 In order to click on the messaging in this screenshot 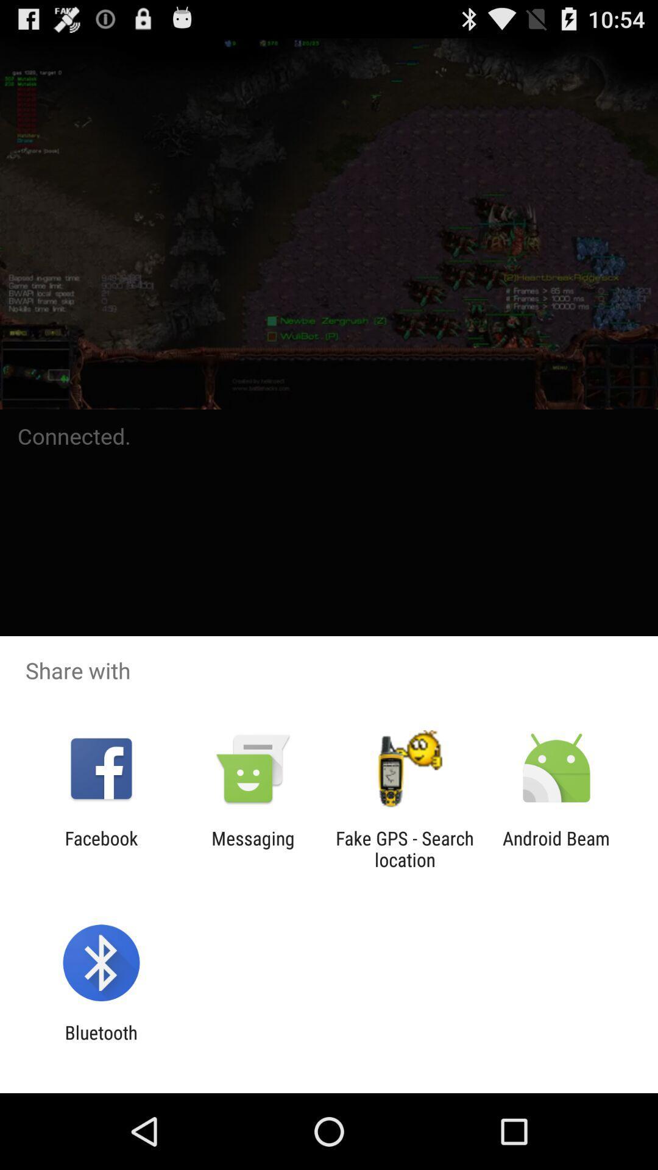, I will do `click(252, 848)`.